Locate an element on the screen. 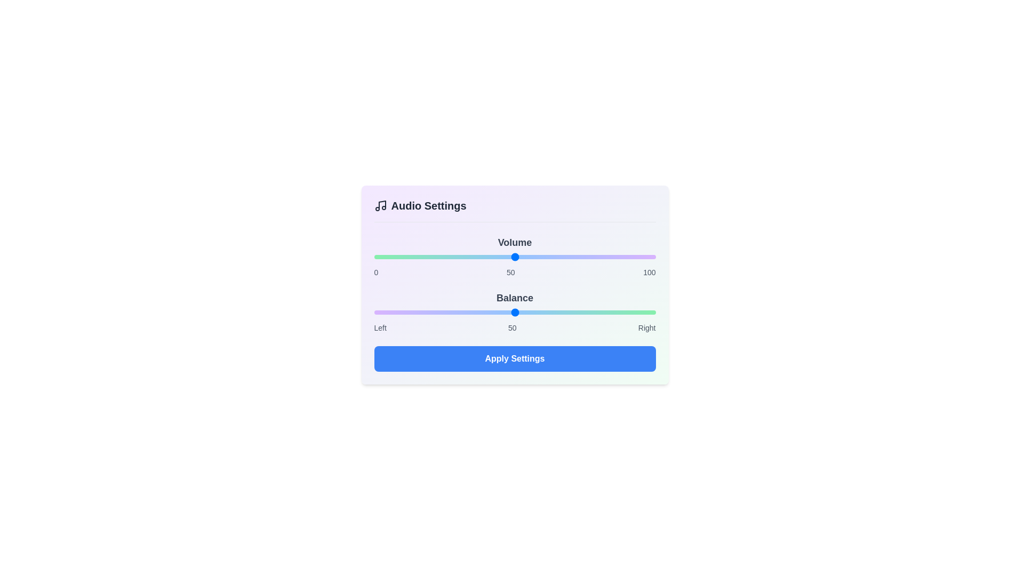 The height and width of the screenshot is (576, 1024). balance is located at coordinates (562, 312).